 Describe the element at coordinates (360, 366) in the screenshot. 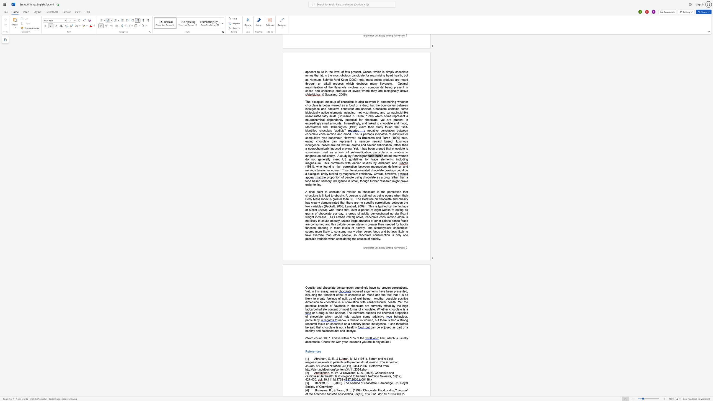

I see `the space between the continuous character "-" and "2" in the text` at that location.